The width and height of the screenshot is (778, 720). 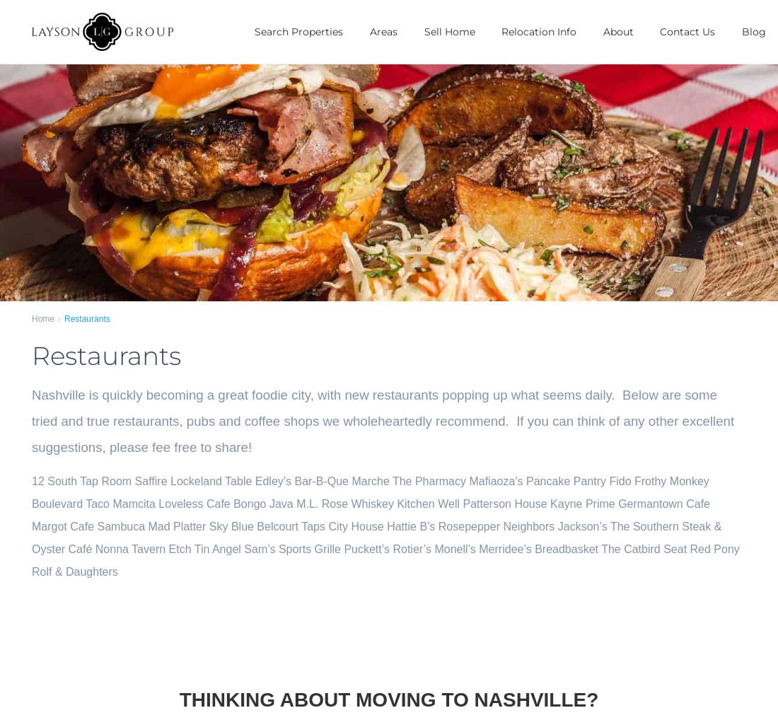 I want to click on '12 South Tap Room


Saffire


Lockeland Table




Edley’s Bar-B-Que


Marche


The Pharmacy




Mafiaoza’s


Pancake Pantry


Fido




Frothy Monkey


Boulevard


Taco Mamcita




Loveless Cafe


Bongo Java


M.L. Rose




Whiskey Kitchen


Well


Patterson House




Kayne Prime


Germantown Cafe


Margot Cafe




Sambuca


Mad Platter


Sky Blue




Belcourt Taps


City House


Hattie B’s




Rosepepper


Neighbors


Jackson’s




The Southern Steak & Oyster


Café Nonna


Tavern




Etch


Tin Angel


Sam’s Sports Grille




Puckett’s


Rotier’s


Monell’s




Merridee’s Breadbasket


The Catbird Seat





Red Pony


Rolf & Daughters', so click(x=385, y=525).